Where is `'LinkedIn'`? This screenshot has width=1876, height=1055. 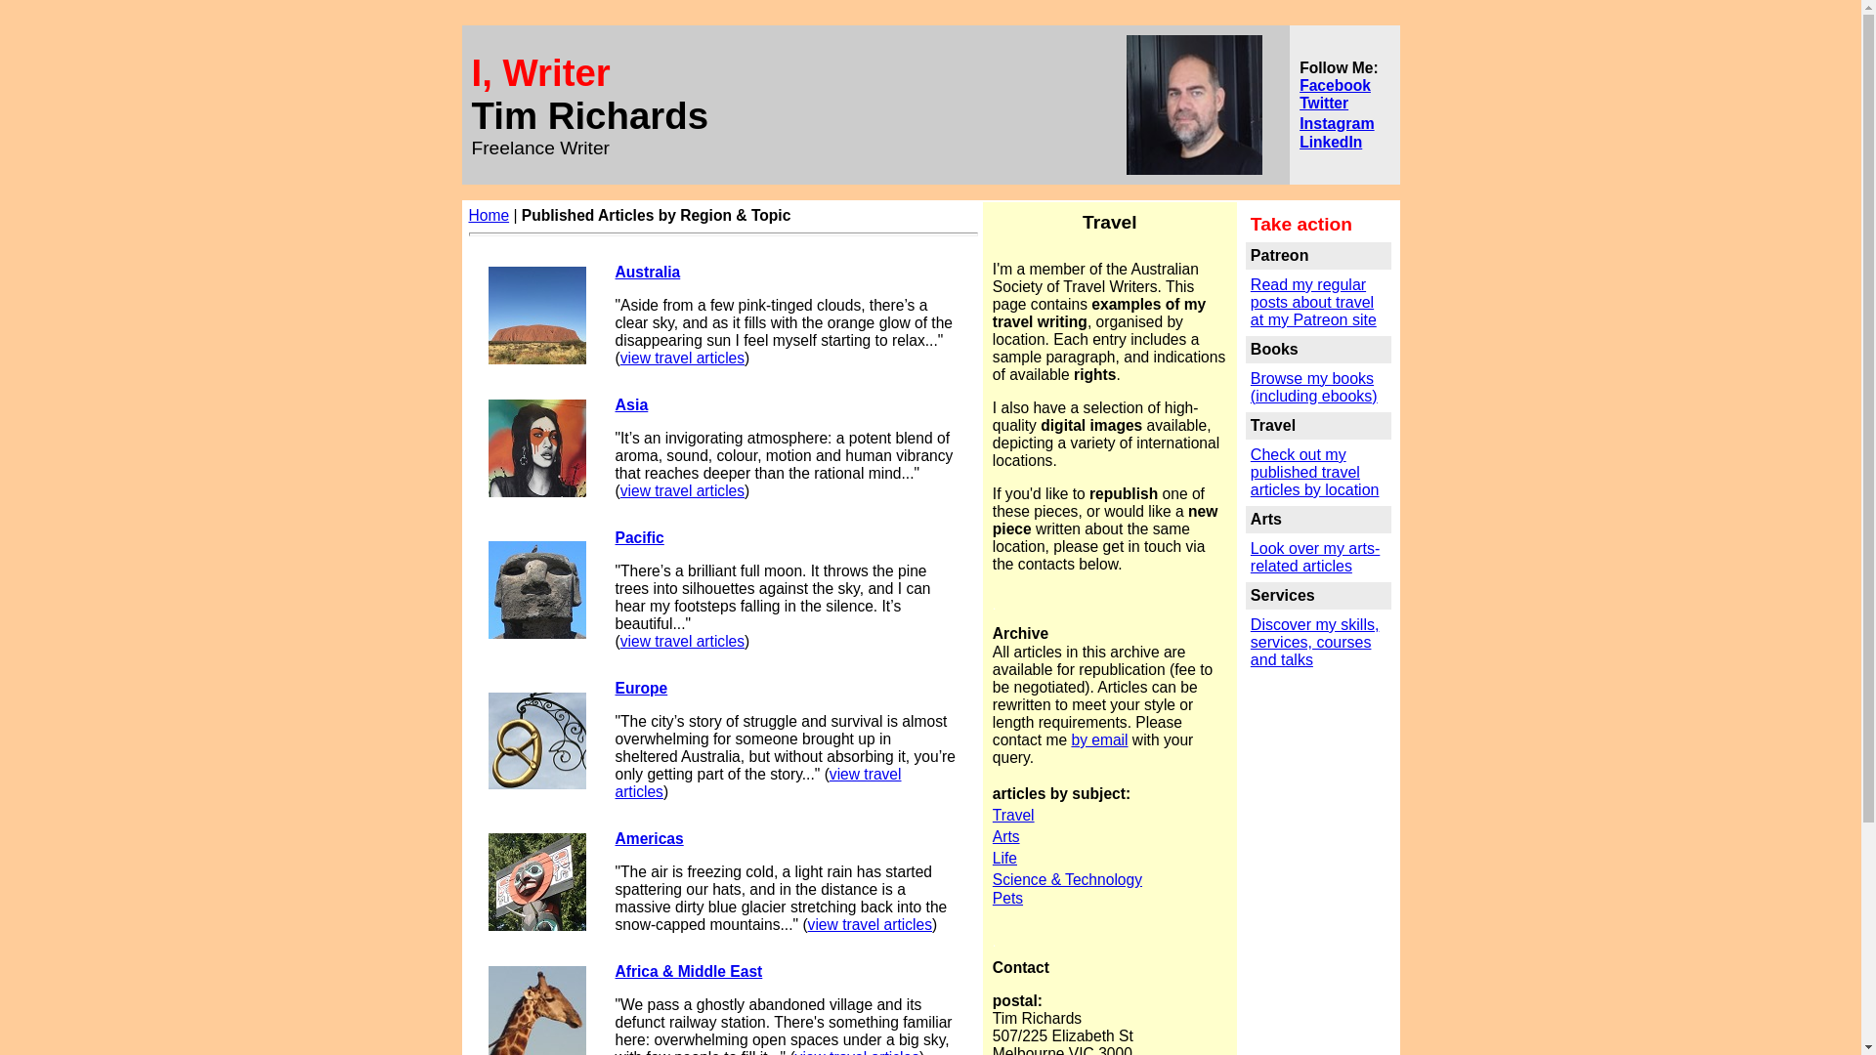
'LinkedIn' is located at coordinates (1299, 140).